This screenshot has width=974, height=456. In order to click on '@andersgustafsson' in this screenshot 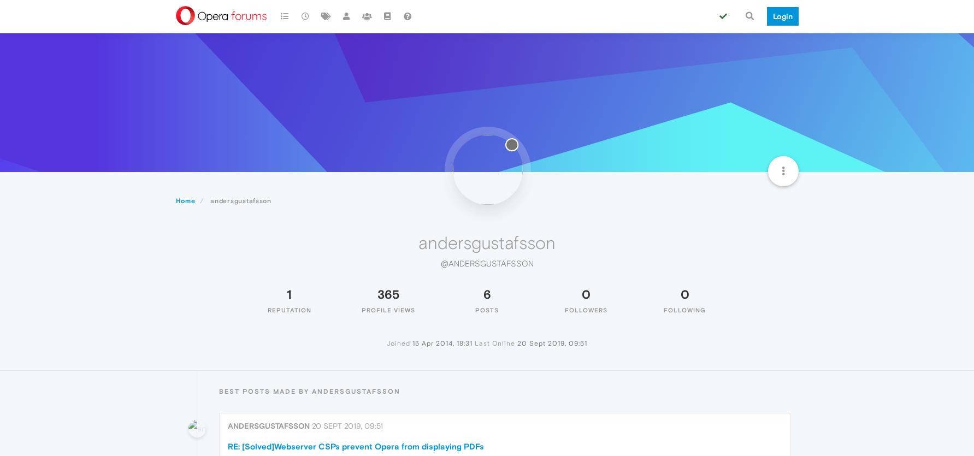, I will do `click(486, 263)`.